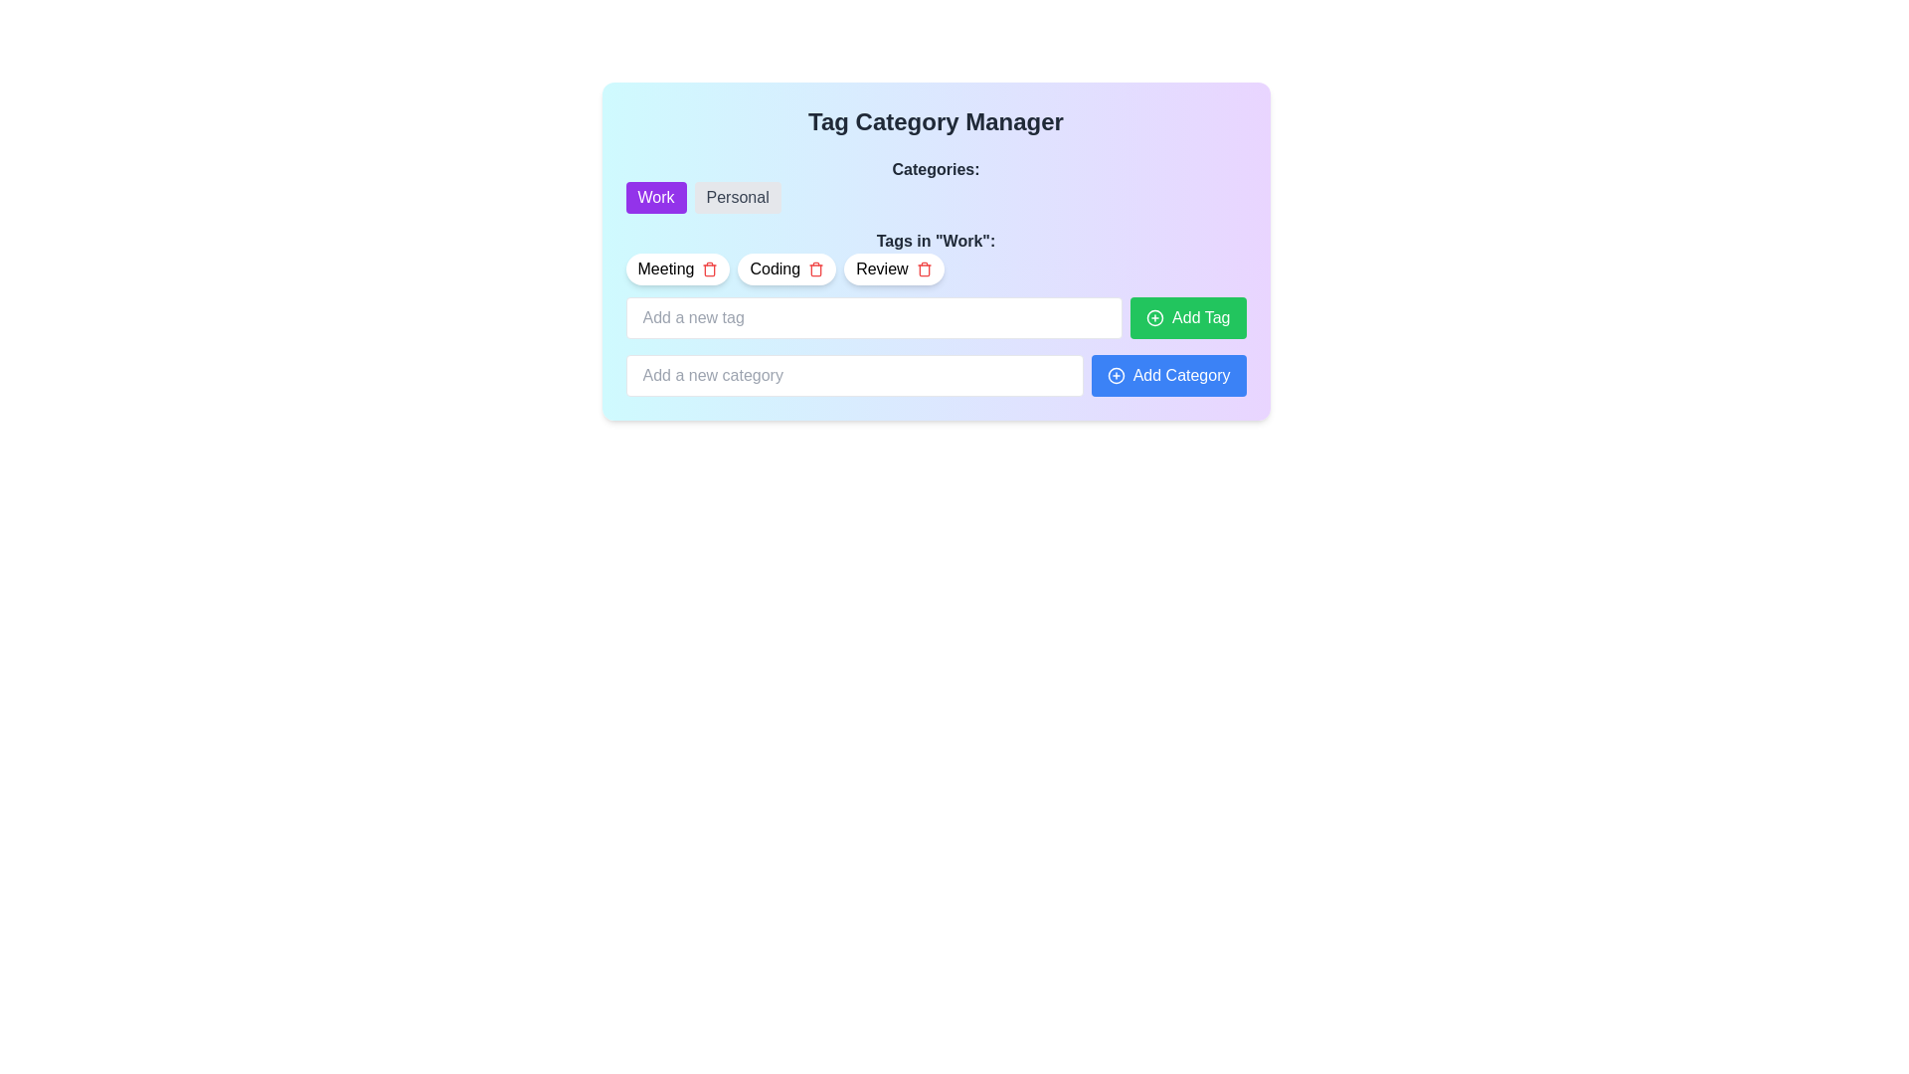 The height and width of the screenshot is (1074, 1909). What do you see at coordinates (1116, 376) in the screenshot?
I see `the add icon represented by a circular boundary with a plus symbol inside, located within the 'Add Category' button at the bottom right of the interface` at bounding box center [1116, 376].